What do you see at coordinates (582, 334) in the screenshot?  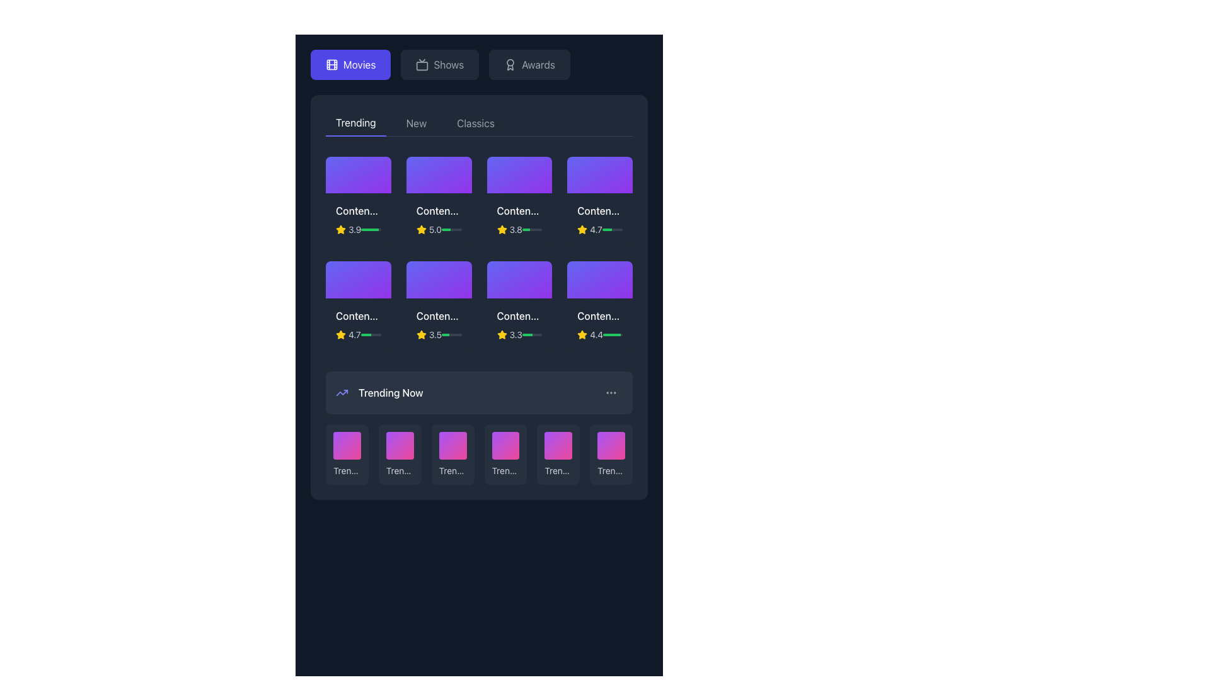 I see `the star icon that indicates user ratings, located in the lower region of the content card to the left of the rating score under the 'Trending' tab` at bounding box center [582, 334].